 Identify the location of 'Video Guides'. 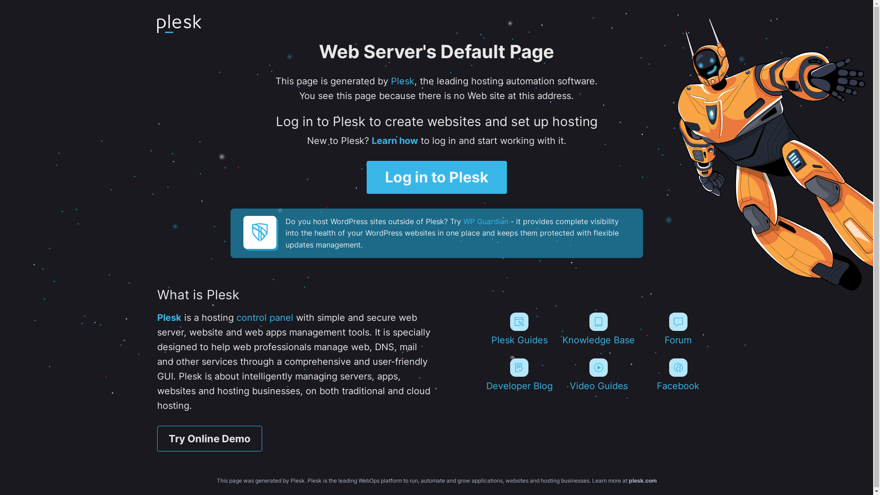
(599, 374).